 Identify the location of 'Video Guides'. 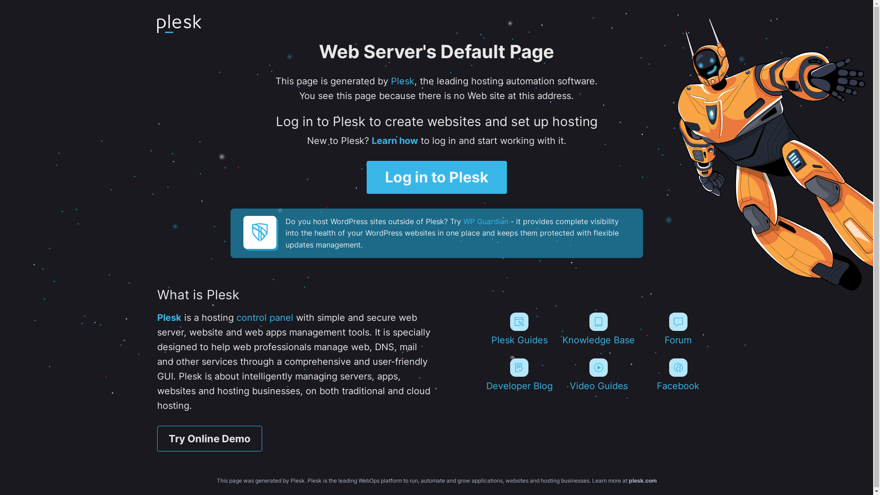
(599, 374).